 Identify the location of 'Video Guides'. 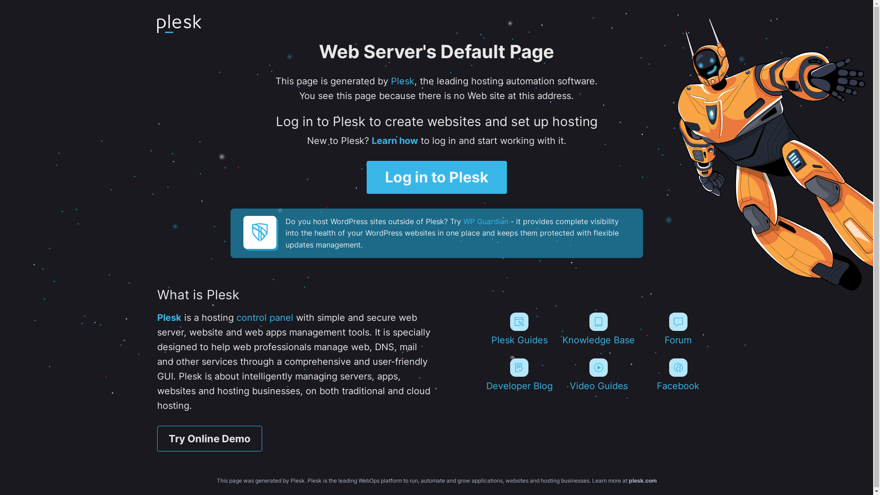
(599, 374).